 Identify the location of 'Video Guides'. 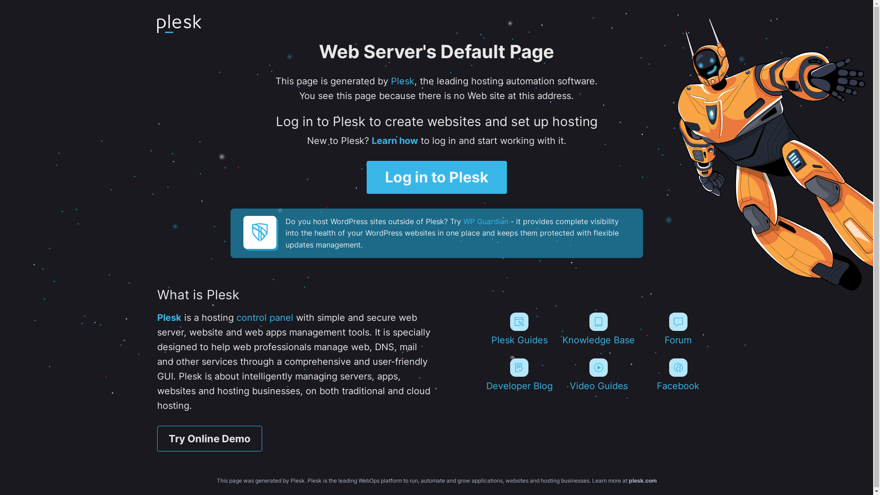
(599, 374).